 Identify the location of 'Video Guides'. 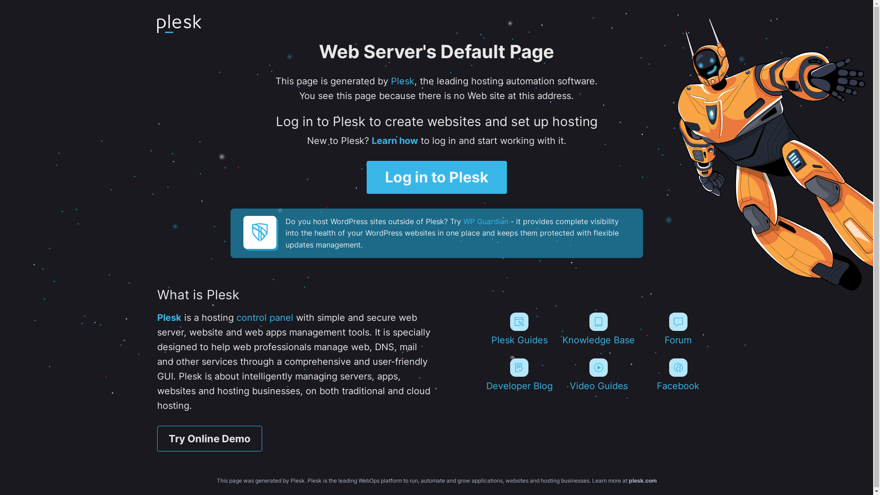
(599, 374).